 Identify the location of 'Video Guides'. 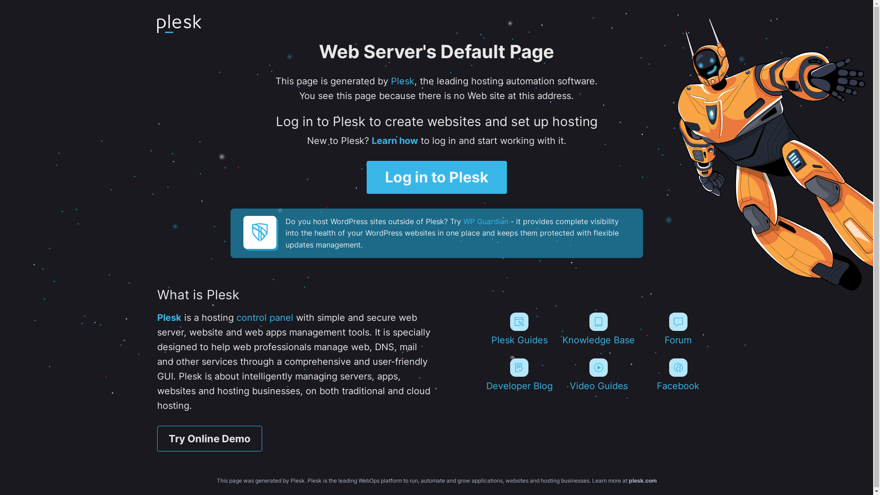
(599, 374).